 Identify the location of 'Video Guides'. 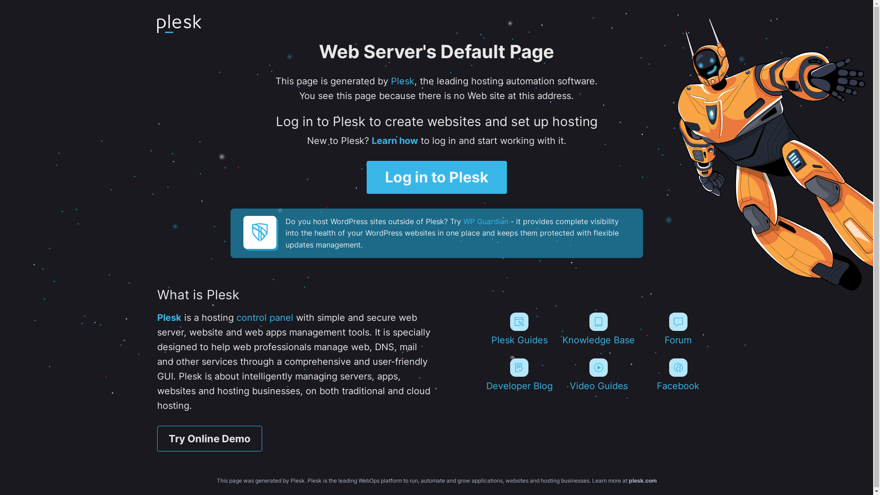
(599, 374).